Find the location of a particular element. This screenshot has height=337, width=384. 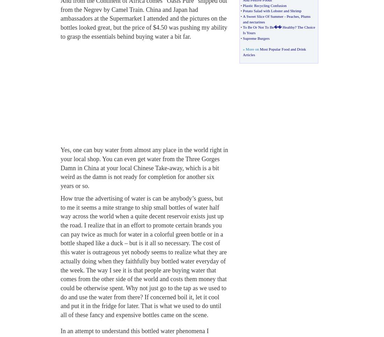

'Yes, one can buy water from almost any place in the world right in your local shop. You can even get water from the Three Gorges Damn in China at your local Chinese Take-away, which is a bit weird as the damn is not ready for completion for another six years or so.' is located at coordinates (144, 168).